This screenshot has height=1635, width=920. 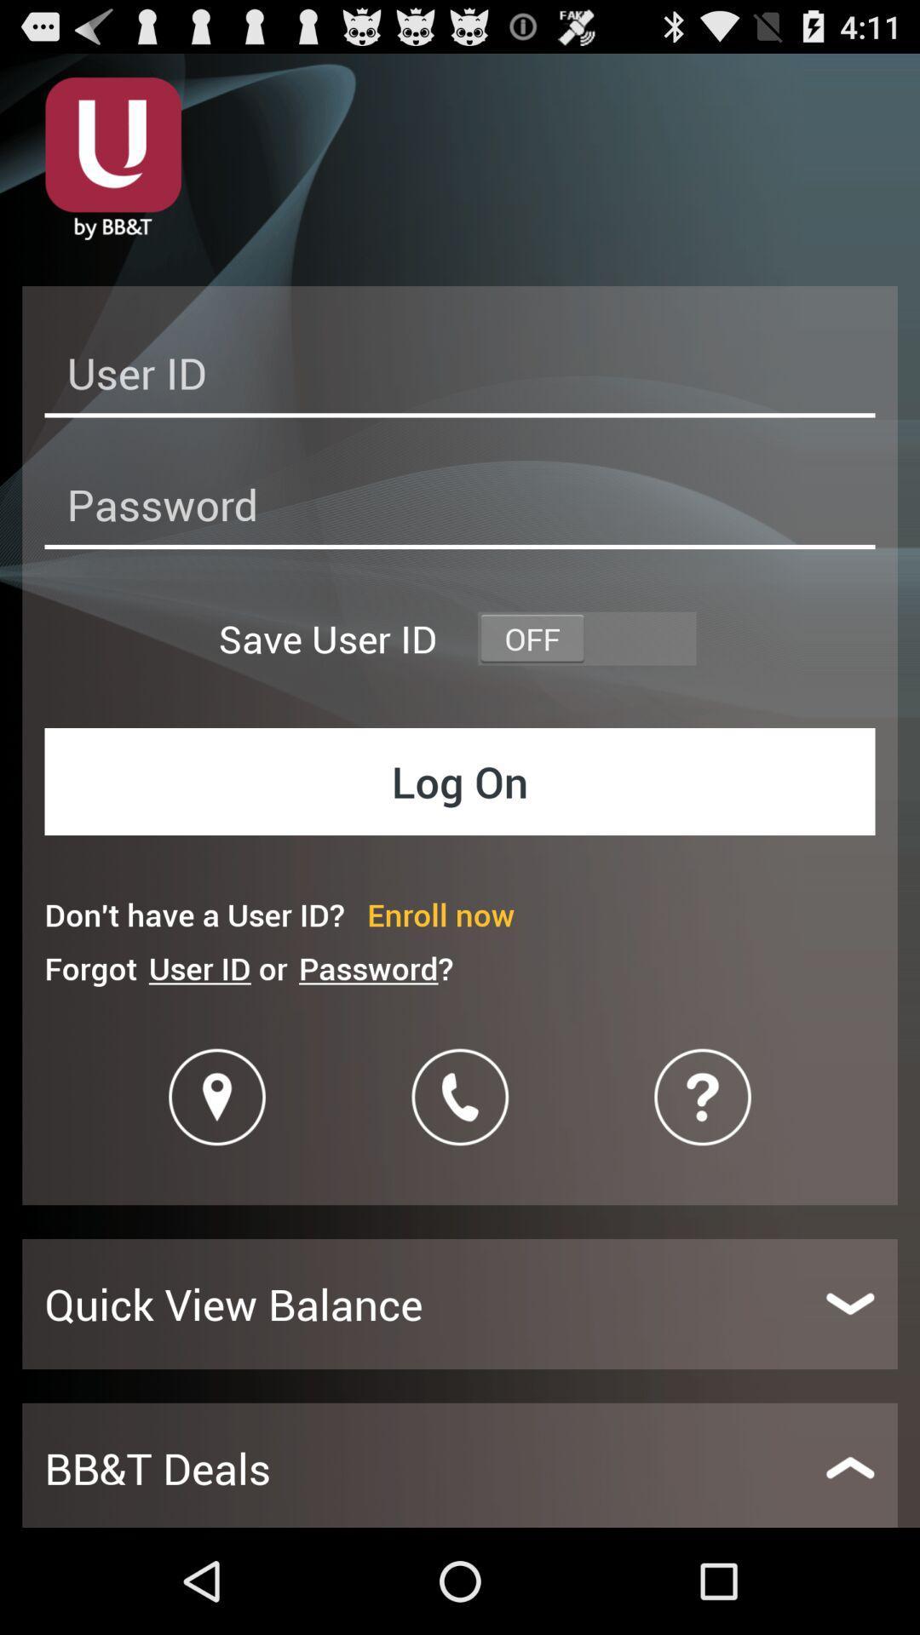 What do you see at coordinates (375, 968) in the screenshot?
I see `the item below don t have icon` at bounding box center [375, 968].